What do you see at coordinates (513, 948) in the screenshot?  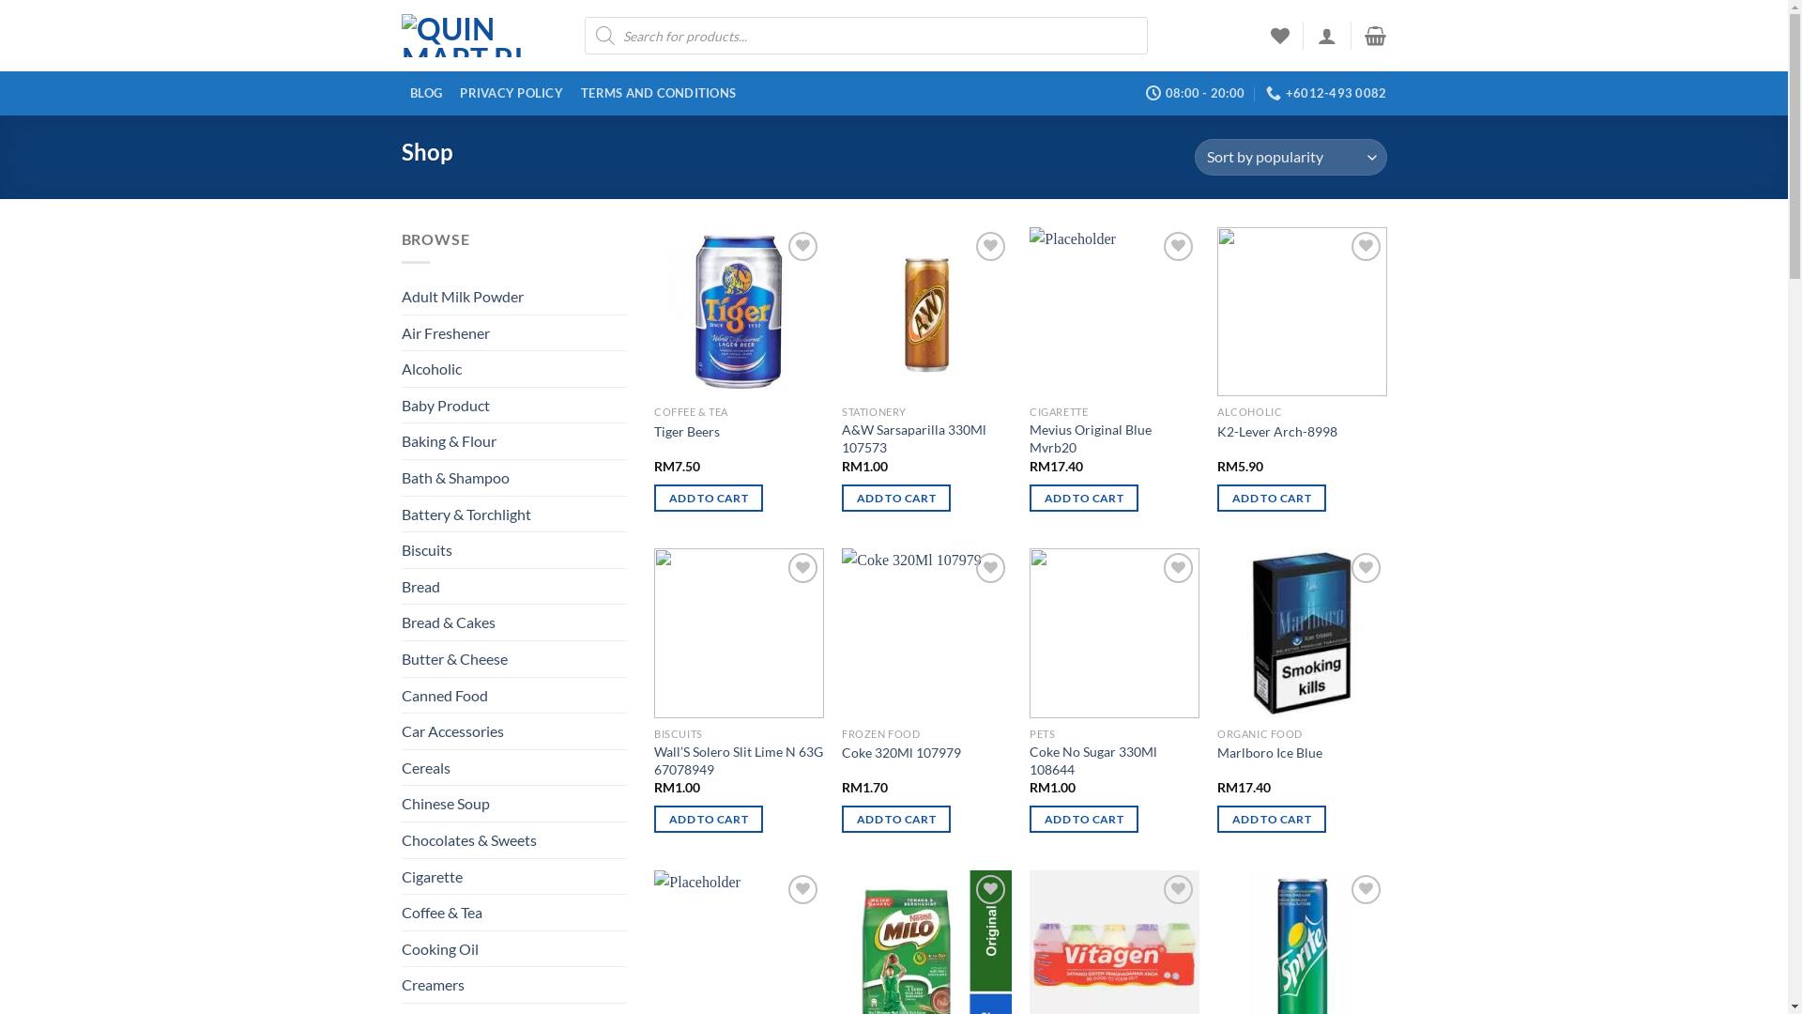 I see `'Cooking Oil'` at bounding box center [513, 948].